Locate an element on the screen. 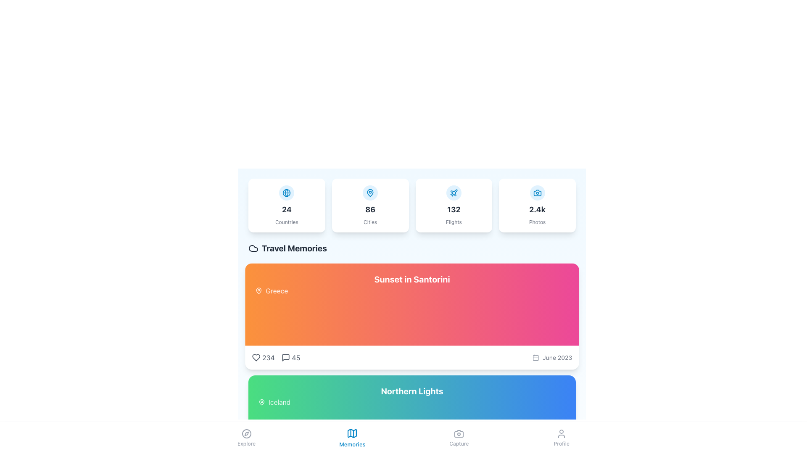 This screenshot has height=454, width=807. the pin-shaped location icon located to the left of the text 'Greece', which signifies a geographical location is located at coordinates (258, 290).